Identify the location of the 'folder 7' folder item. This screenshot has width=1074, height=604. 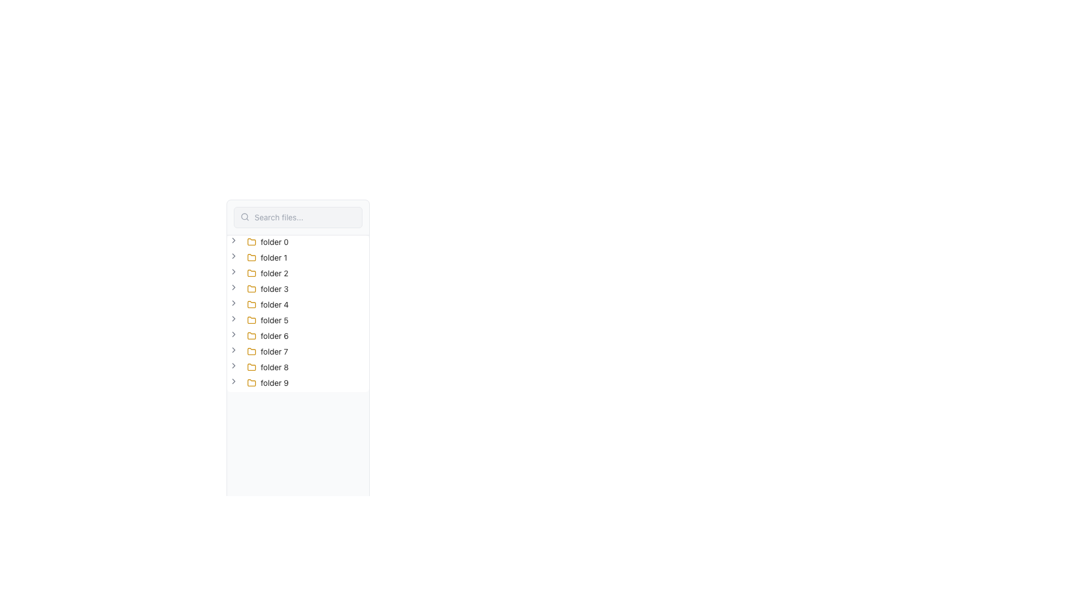
(267, 351).